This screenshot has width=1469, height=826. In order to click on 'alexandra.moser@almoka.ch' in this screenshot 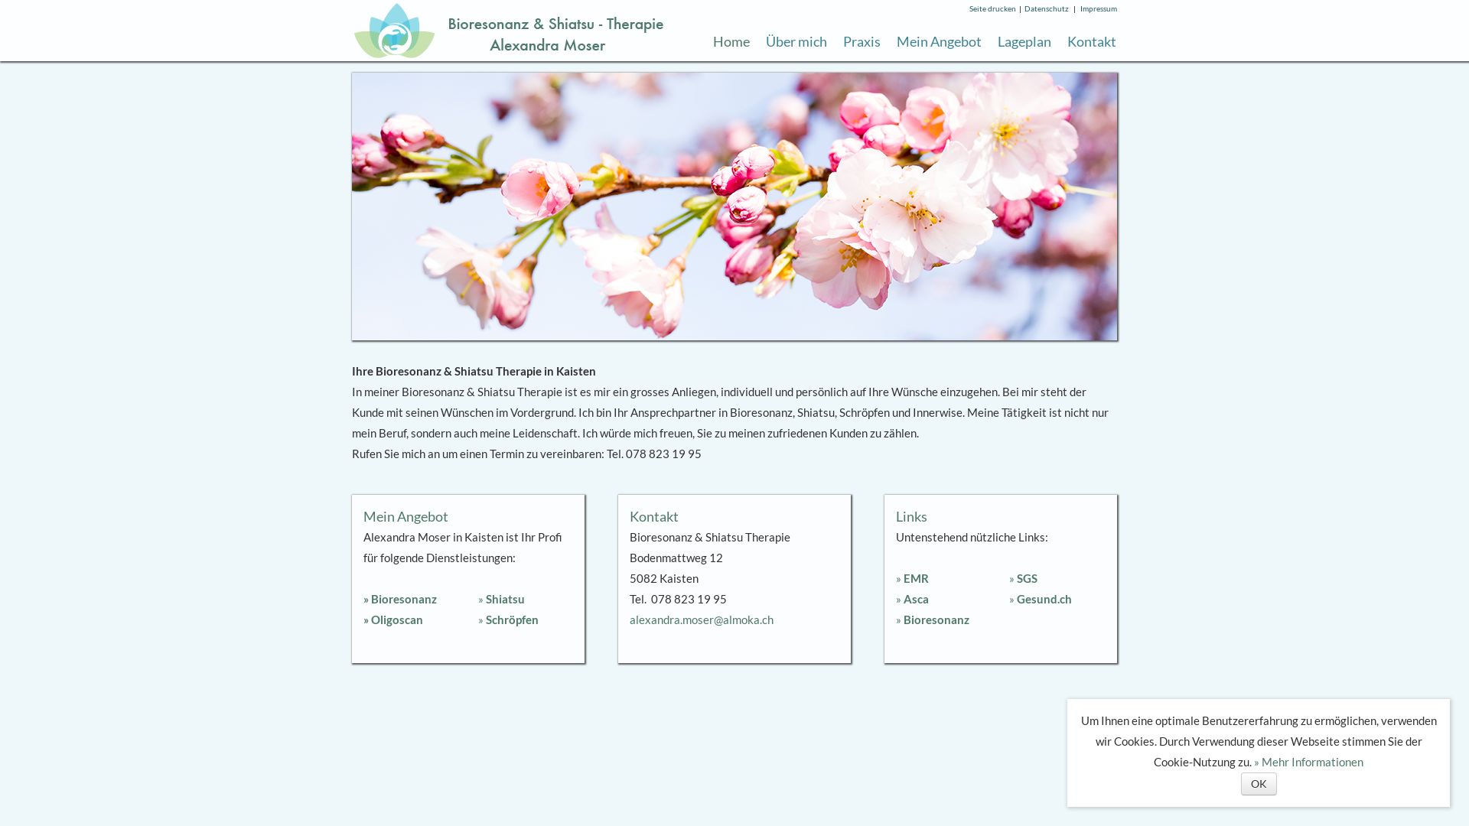, I will do `click(700, 619)`.